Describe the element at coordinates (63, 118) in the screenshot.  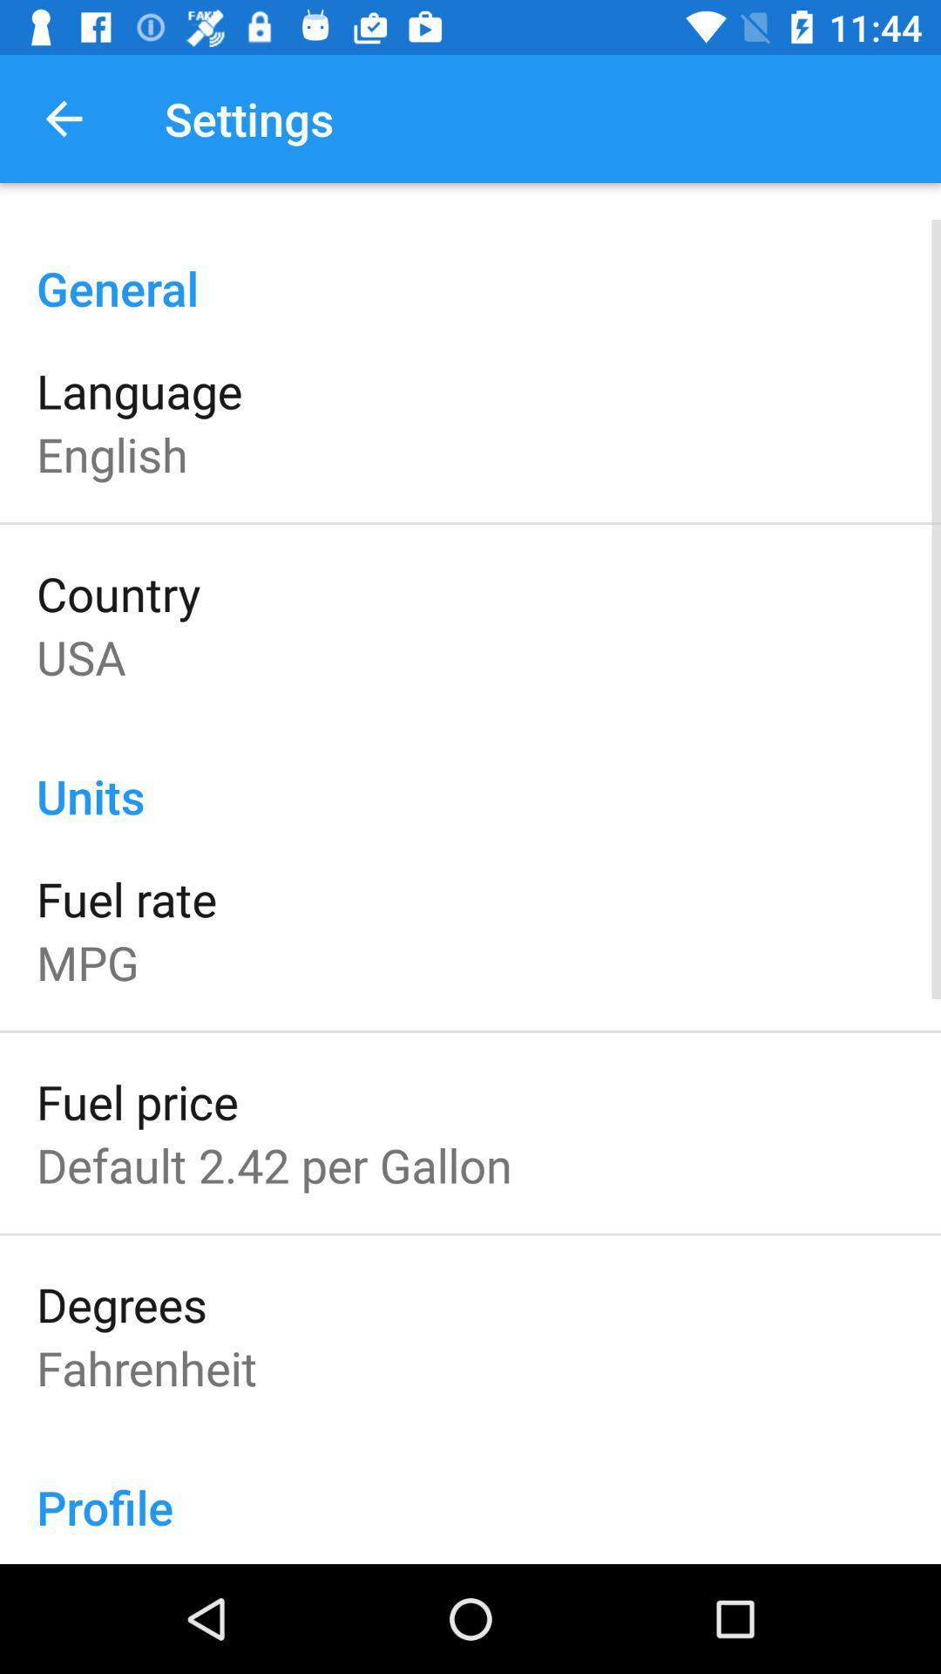
I see `the item above general item` at that location.